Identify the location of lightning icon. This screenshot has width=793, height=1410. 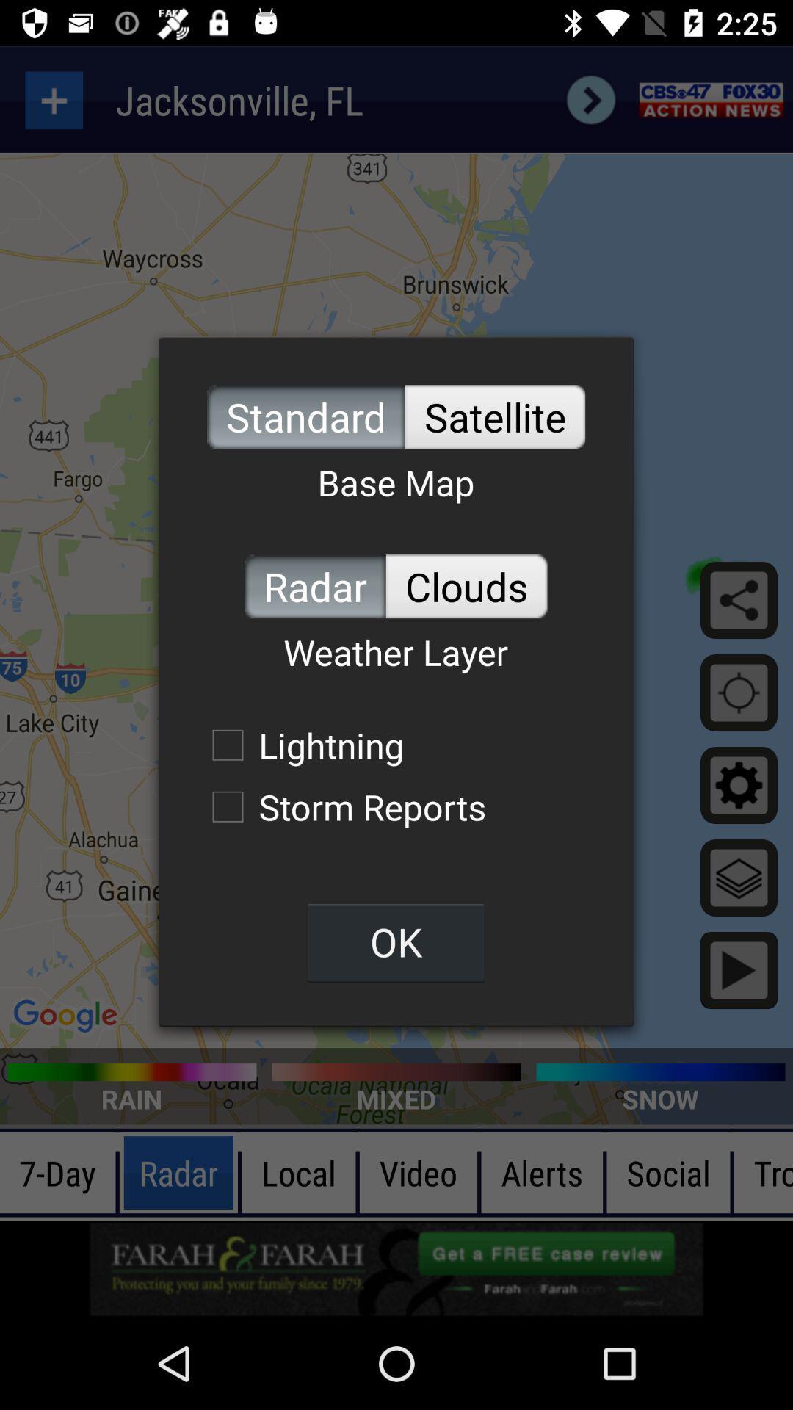
(300, 745).